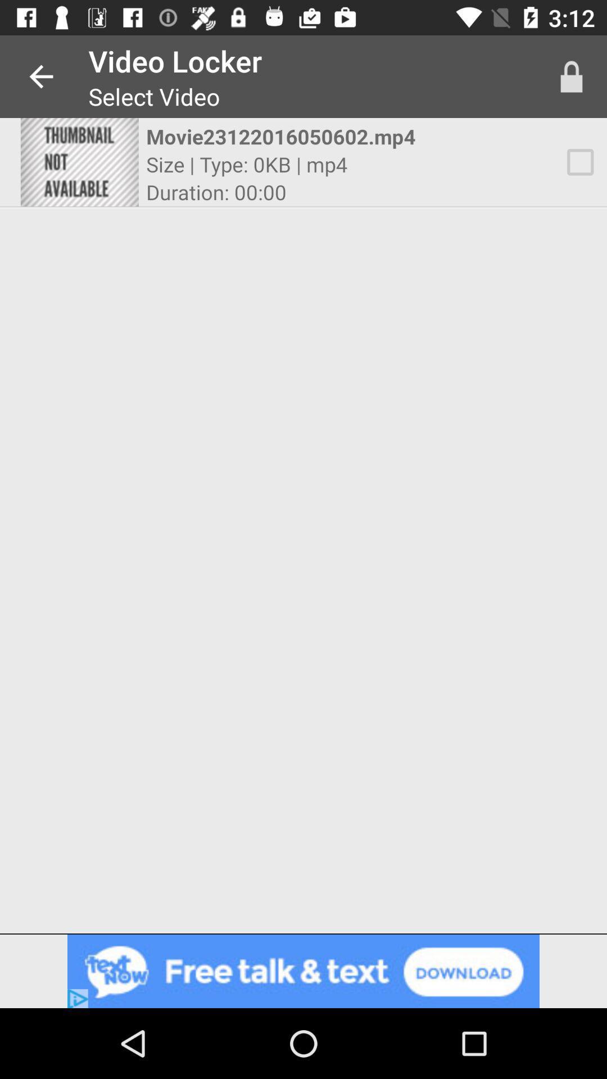  What do you see at coordinates (216, 192) in the screenshot?
I see `the item below size type 0kb icon` at bounding box center [216, 192].